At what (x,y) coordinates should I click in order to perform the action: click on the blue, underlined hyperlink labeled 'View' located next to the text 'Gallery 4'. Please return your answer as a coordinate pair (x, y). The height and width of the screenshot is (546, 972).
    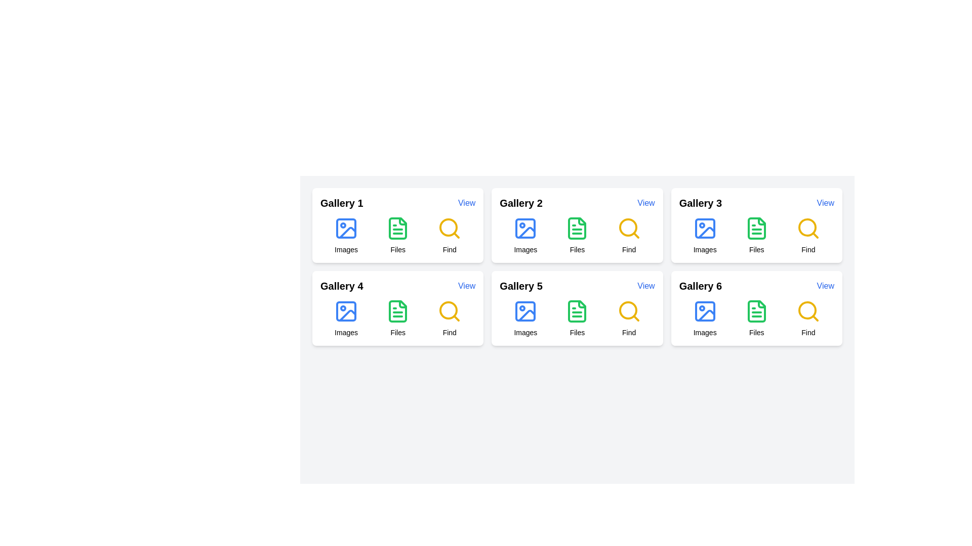
    Looking at the image, I should click on (466, 286).